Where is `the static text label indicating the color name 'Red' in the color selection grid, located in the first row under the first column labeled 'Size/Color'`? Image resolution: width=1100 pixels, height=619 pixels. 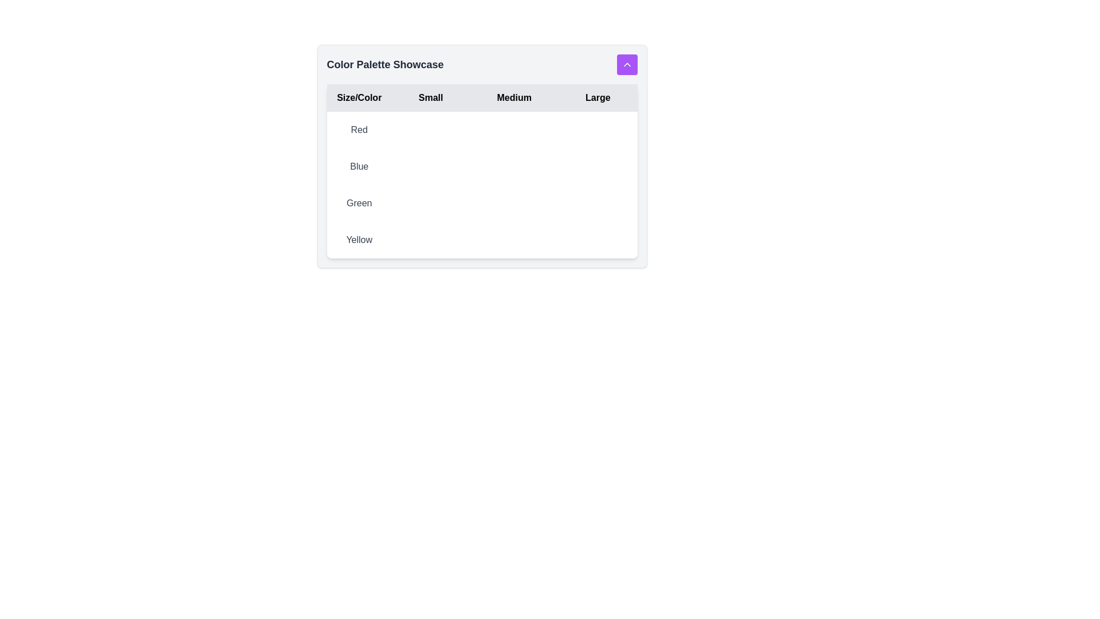
the static text label indicating the color name 'Red' in the color selection grid, located in the first row under the first column labeled 'Size/Color' is located at coordinates (359, 130).